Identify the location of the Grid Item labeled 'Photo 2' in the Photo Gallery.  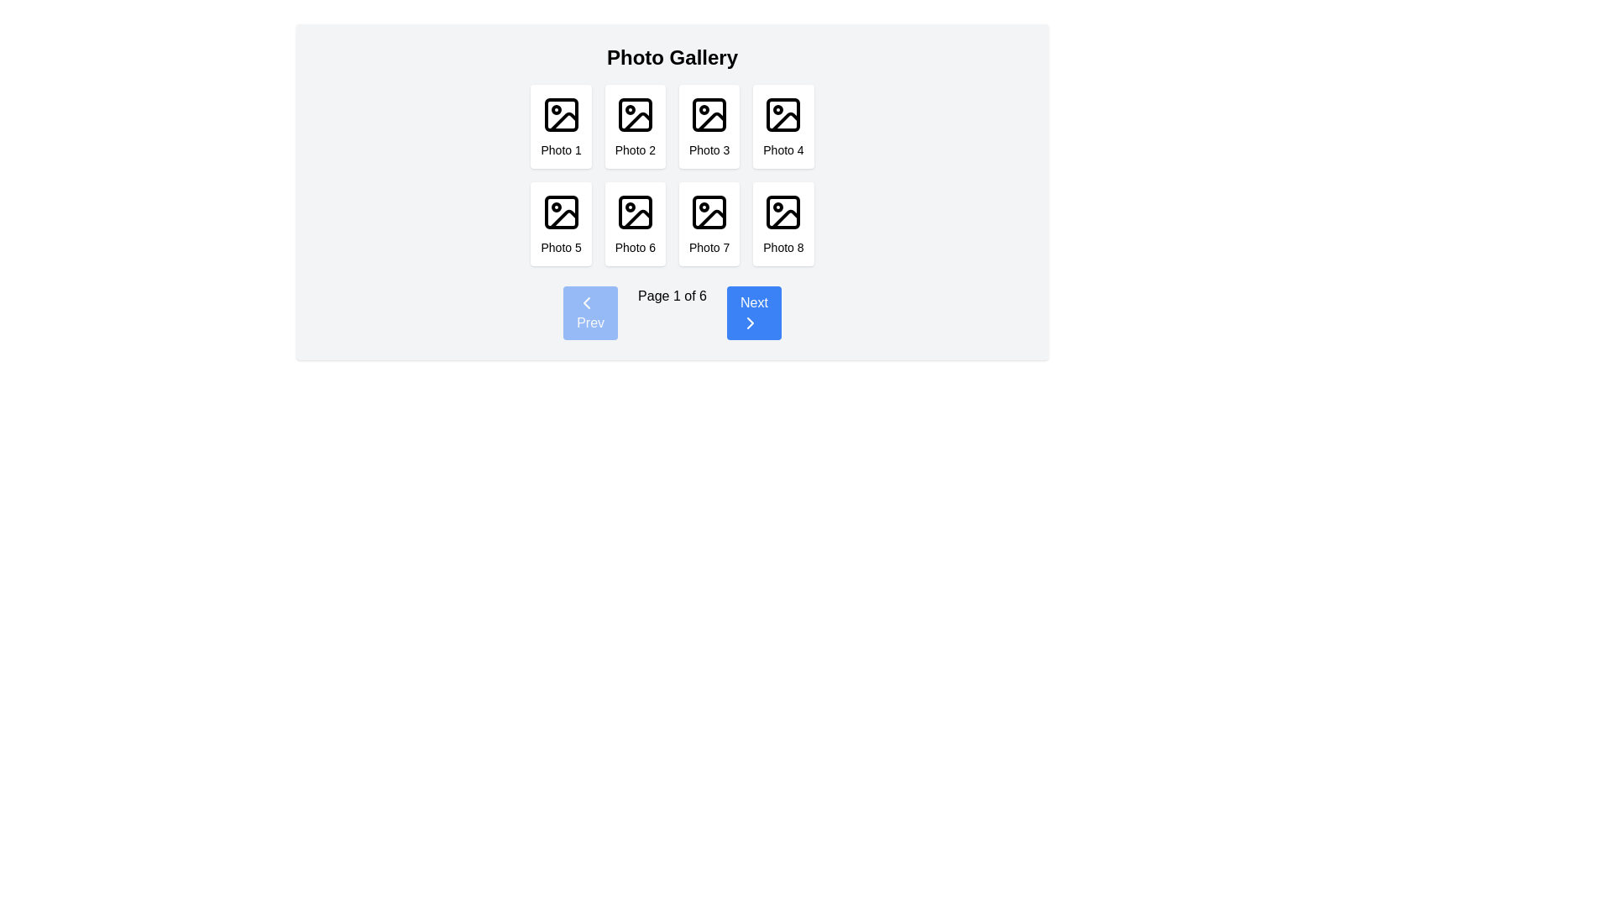
(634, 125).